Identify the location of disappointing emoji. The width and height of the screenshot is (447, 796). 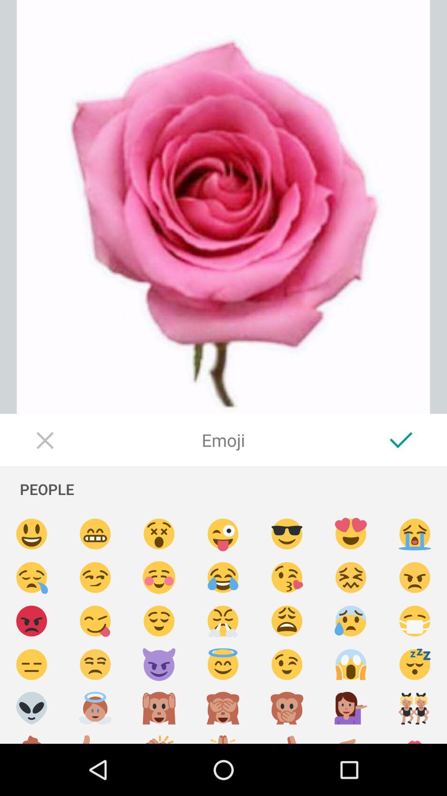
(31, 665).